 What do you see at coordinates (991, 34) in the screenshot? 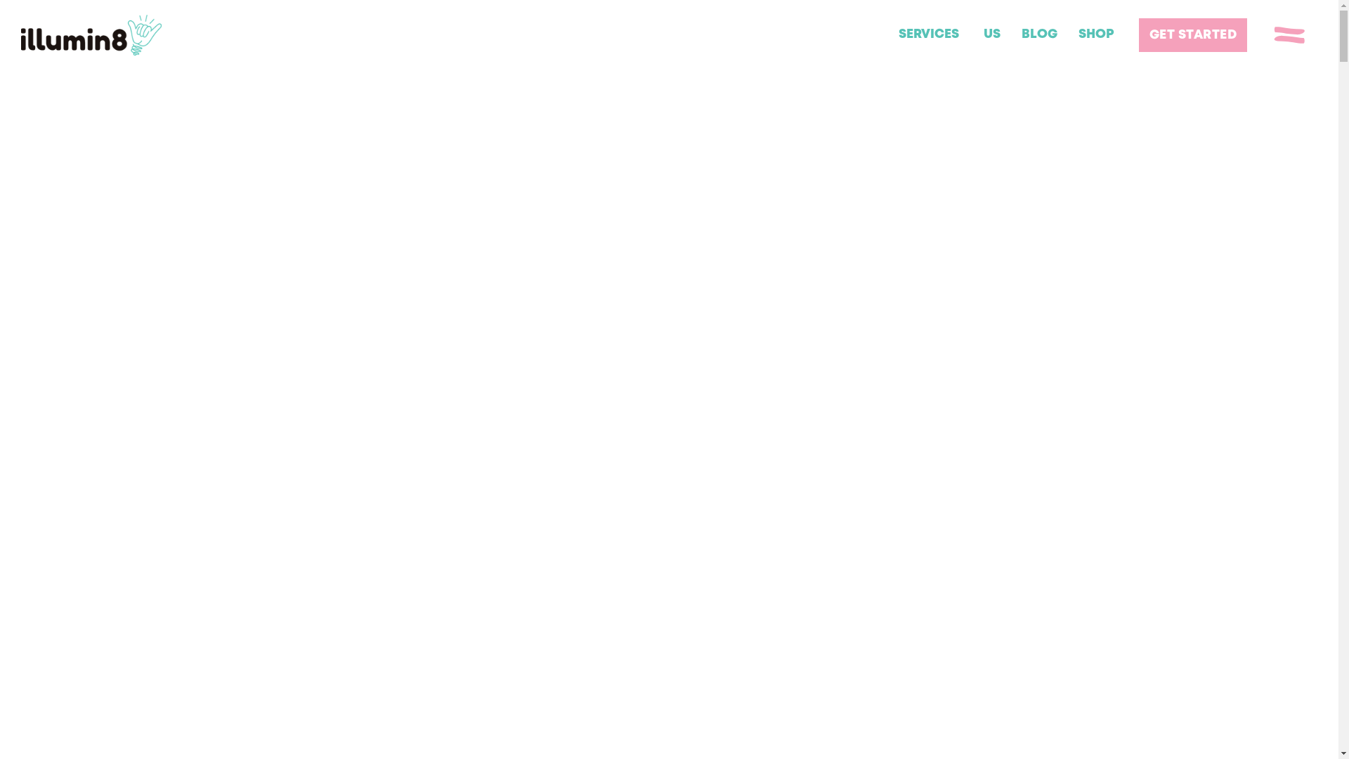
I see `'US'` at bounding box center [991, 34].